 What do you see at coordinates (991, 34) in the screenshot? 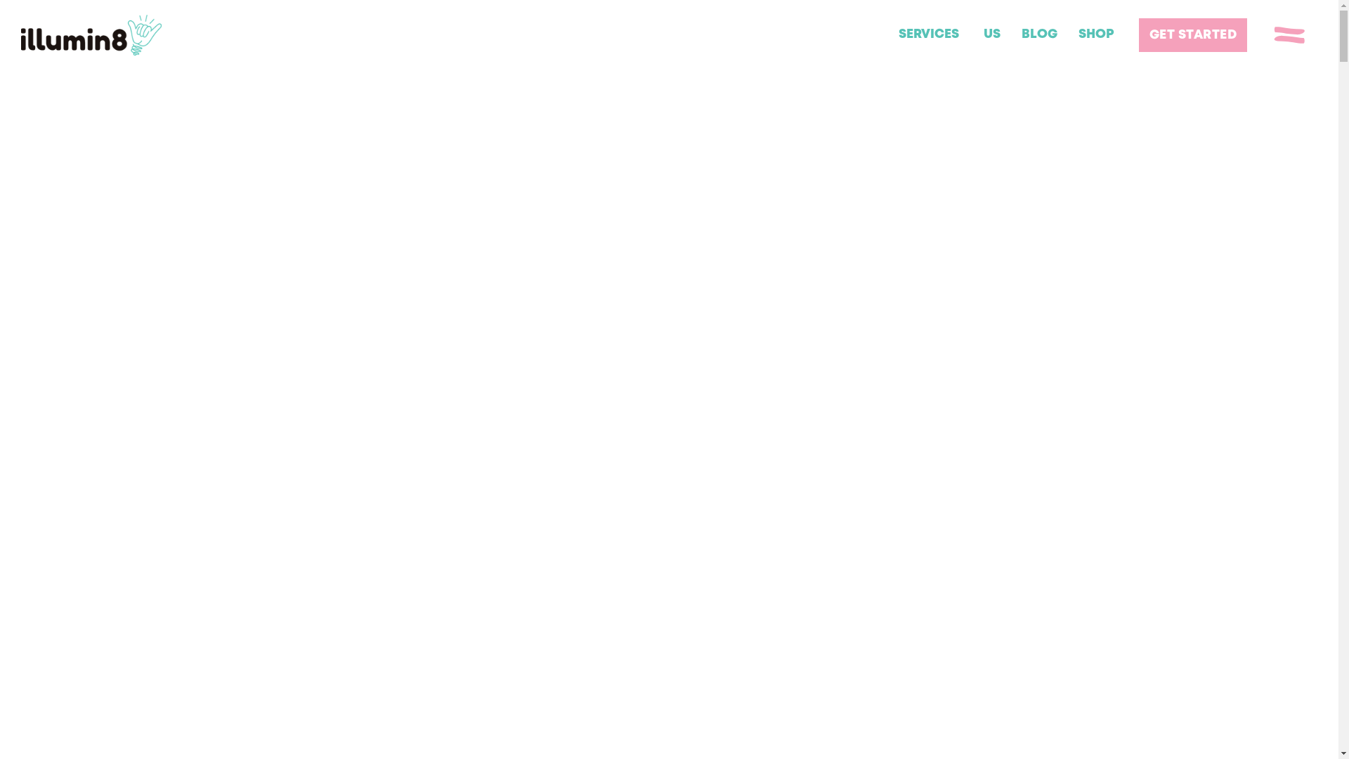
I see `'US'` at bounding box center [991, 34].